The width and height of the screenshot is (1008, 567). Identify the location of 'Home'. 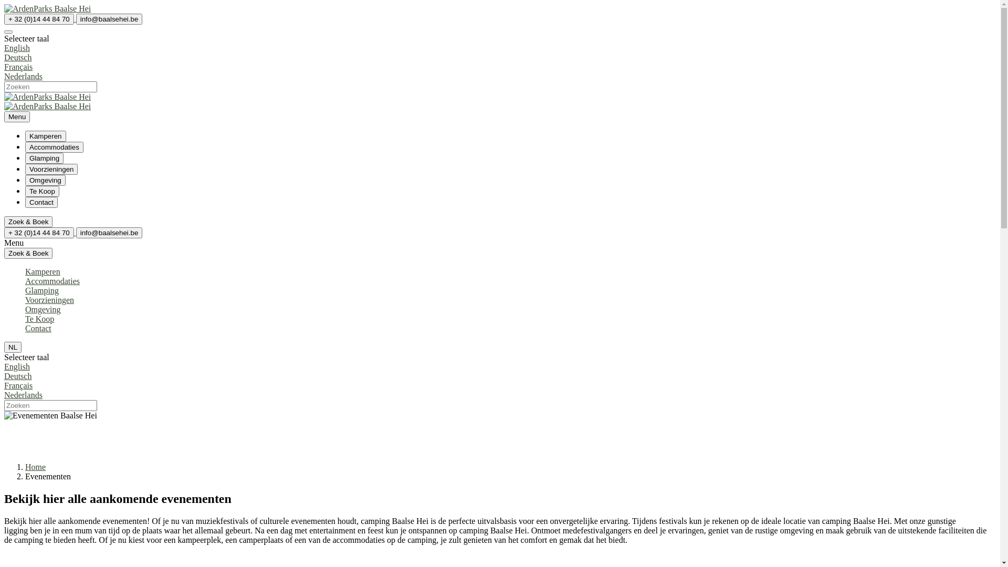
(35, 466).